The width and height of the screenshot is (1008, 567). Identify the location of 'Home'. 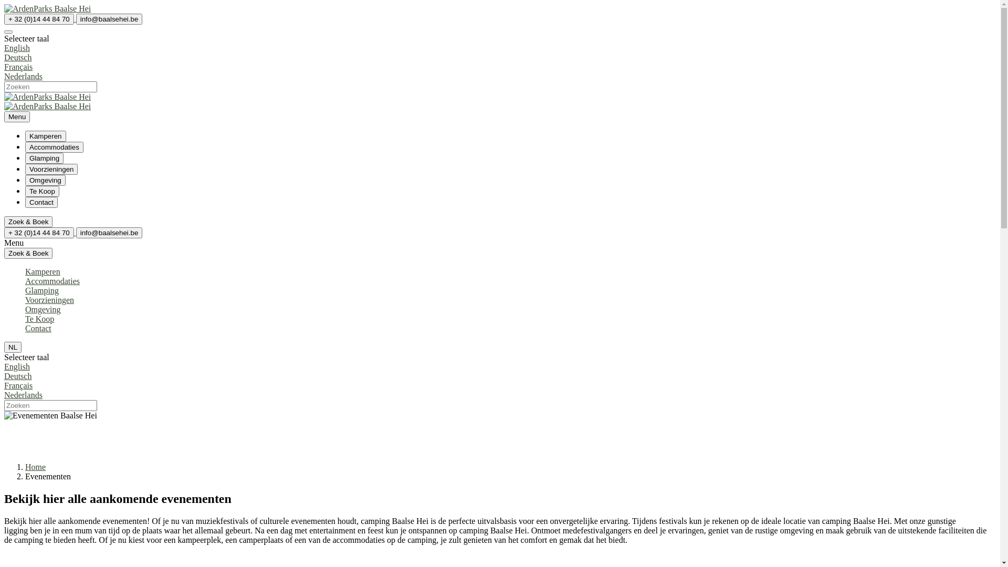
(35, 466).